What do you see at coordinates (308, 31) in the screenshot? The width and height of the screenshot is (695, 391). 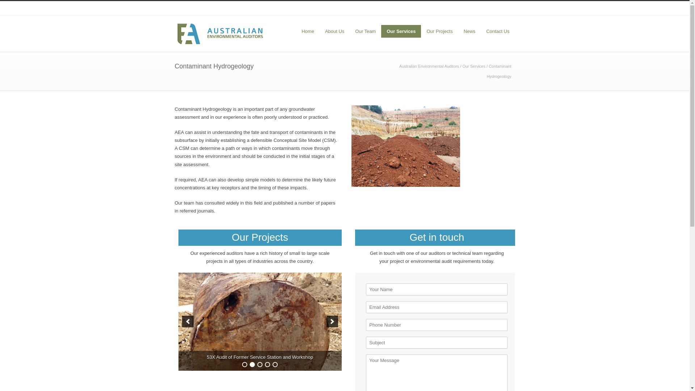 I see `'Home'` at bounding box center [308, 31].